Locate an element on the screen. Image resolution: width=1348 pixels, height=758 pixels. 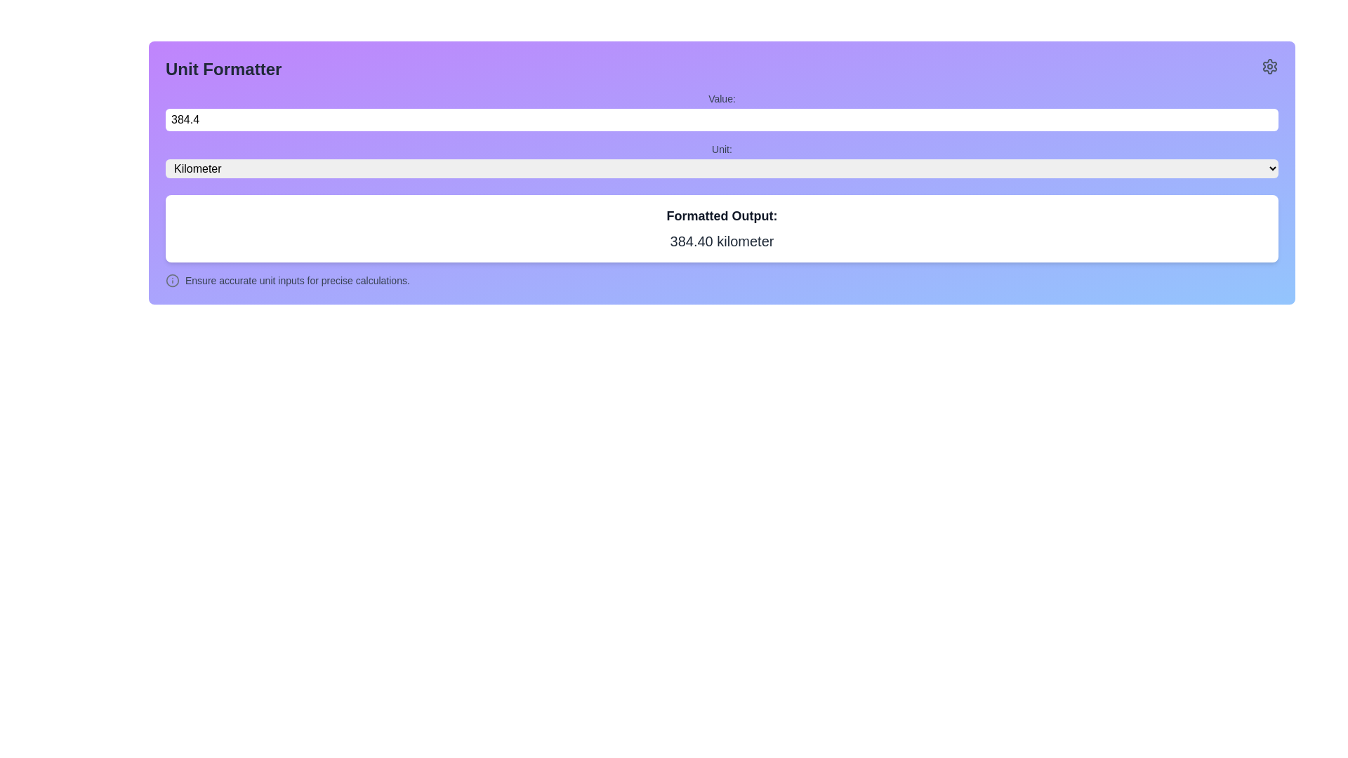
the circular icon with a thin dark border and an exclamation point is located at coordinates (171, 281).